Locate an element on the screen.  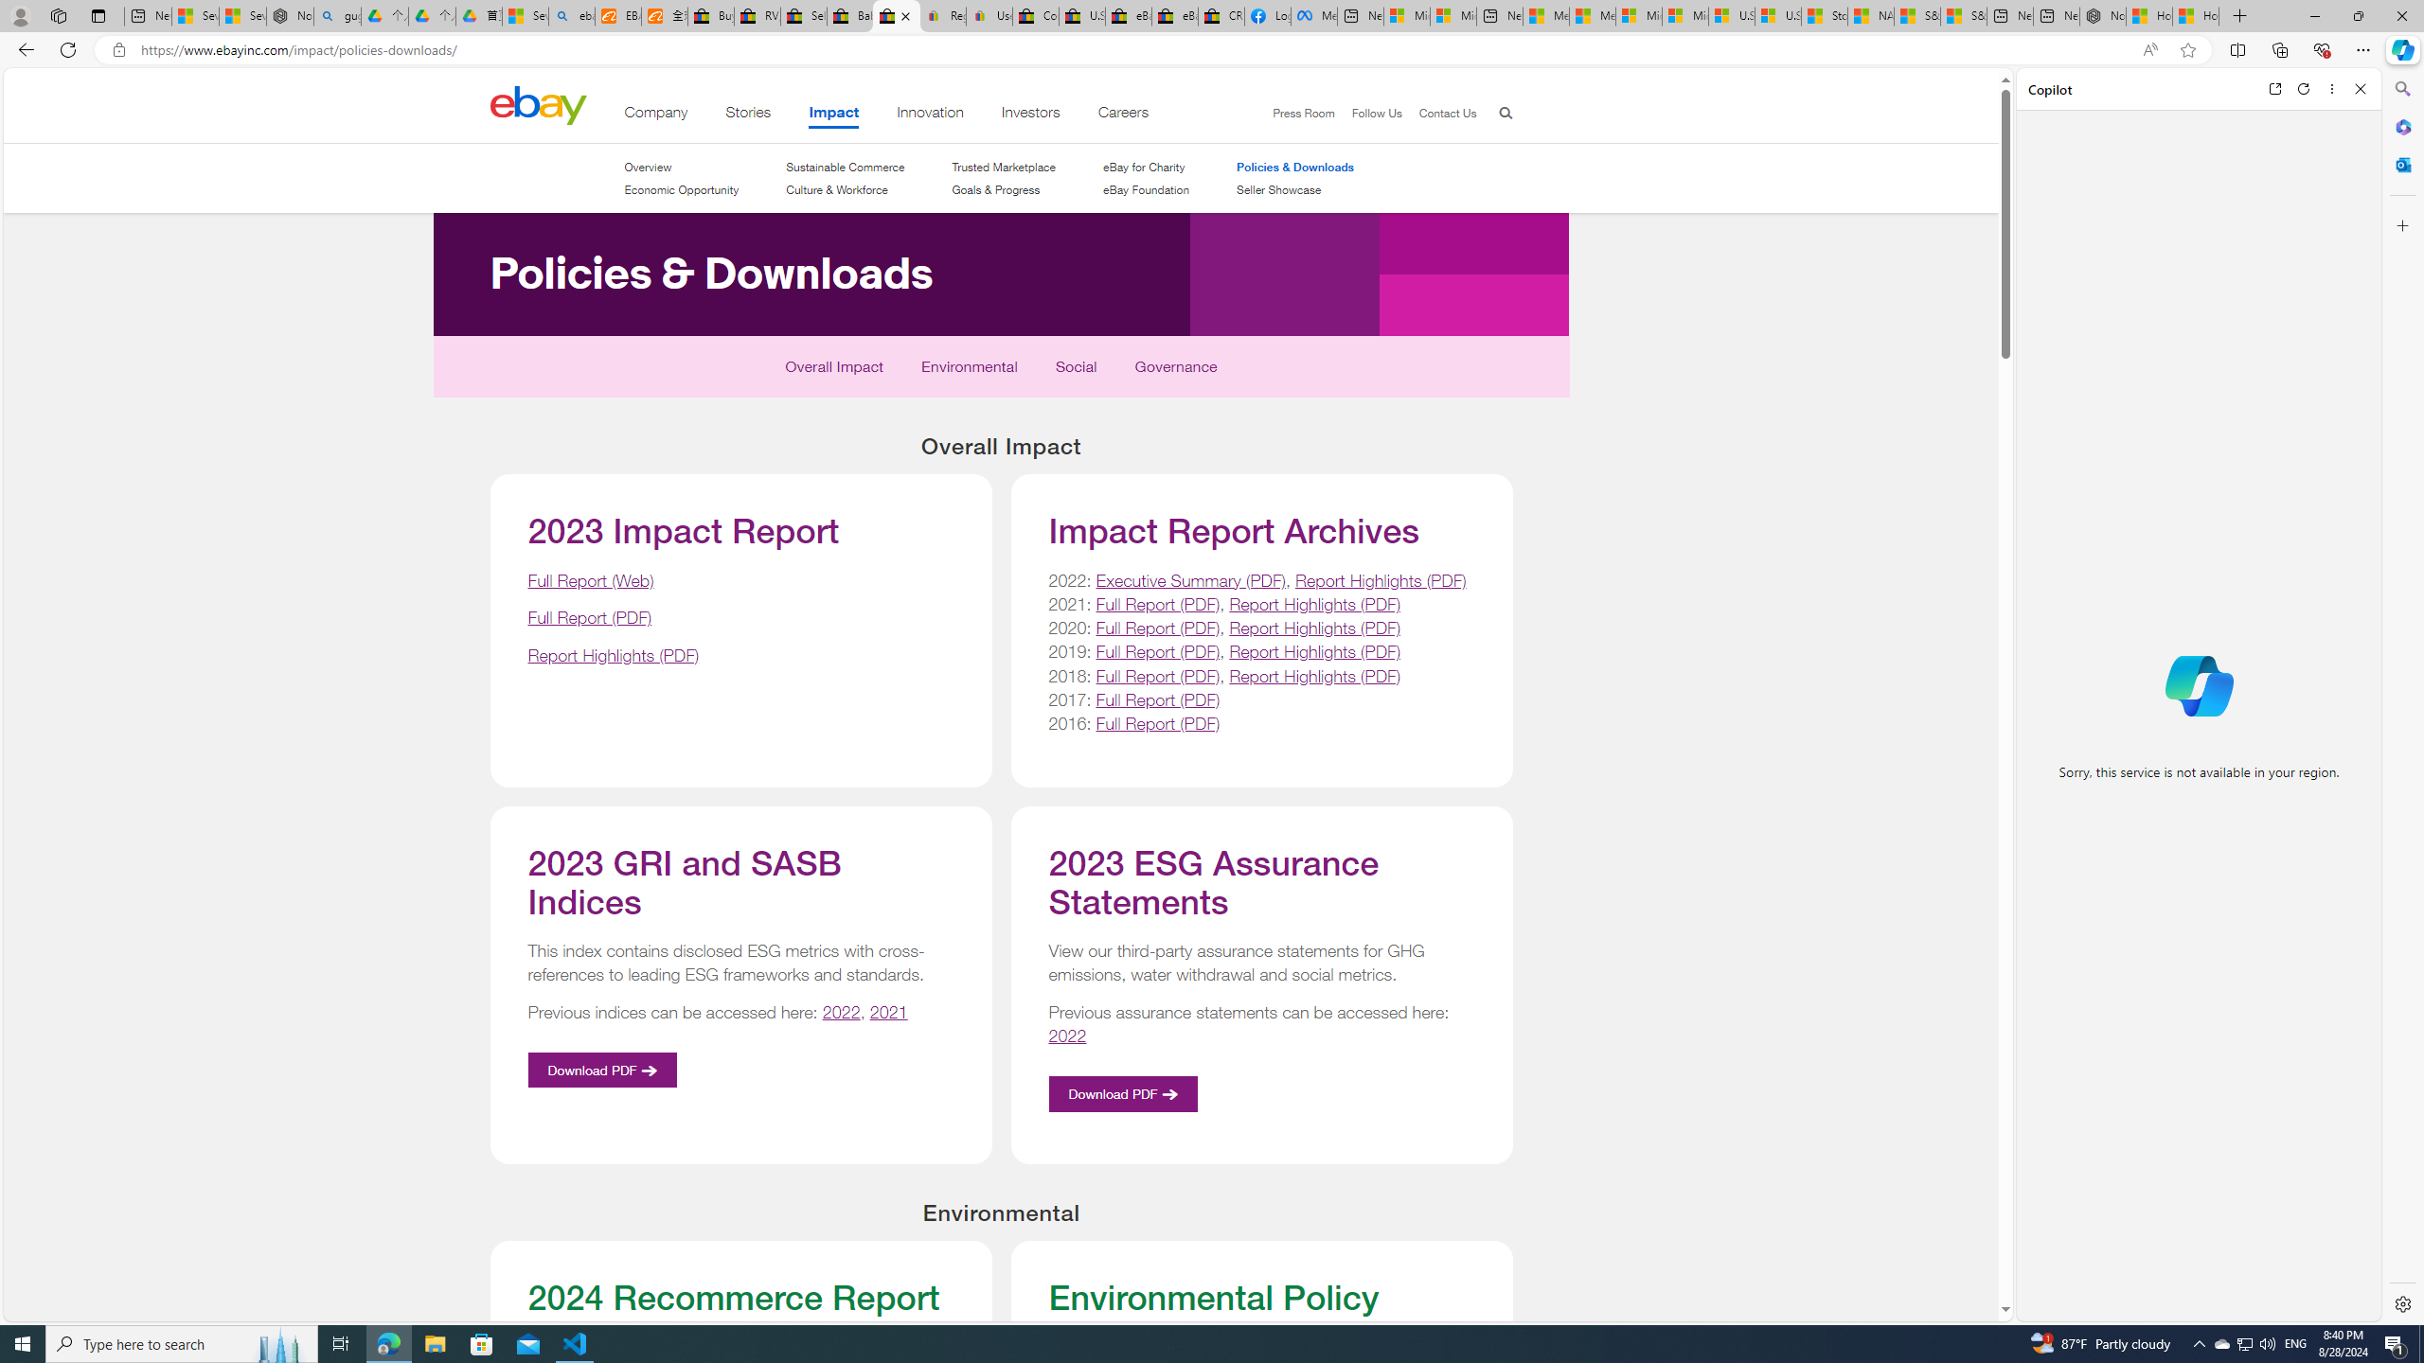
'Full Report (PDF)' is located at coordinates (1157, 721).